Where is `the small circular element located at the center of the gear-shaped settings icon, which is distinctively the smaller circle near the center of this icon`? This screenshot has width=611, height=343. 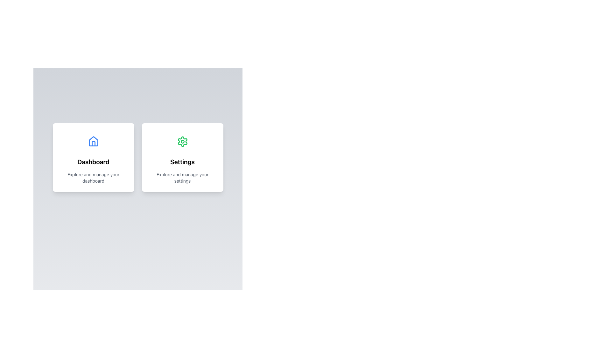
the small circular element located at the center of the gear-shaped settings icon, which is distinctively the smaller circle near the center of this icon is located at coordinates (182, 141).